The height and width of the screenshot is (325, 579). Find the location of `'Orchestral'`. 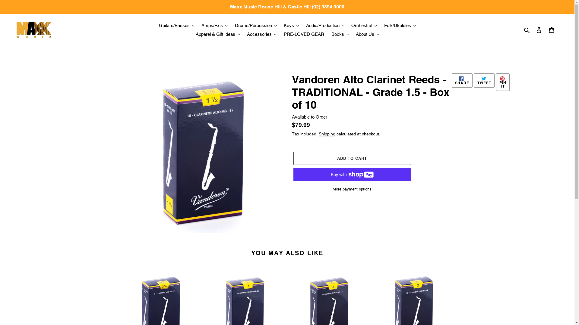

'Orchestral' is located at coordinates (364, 25).